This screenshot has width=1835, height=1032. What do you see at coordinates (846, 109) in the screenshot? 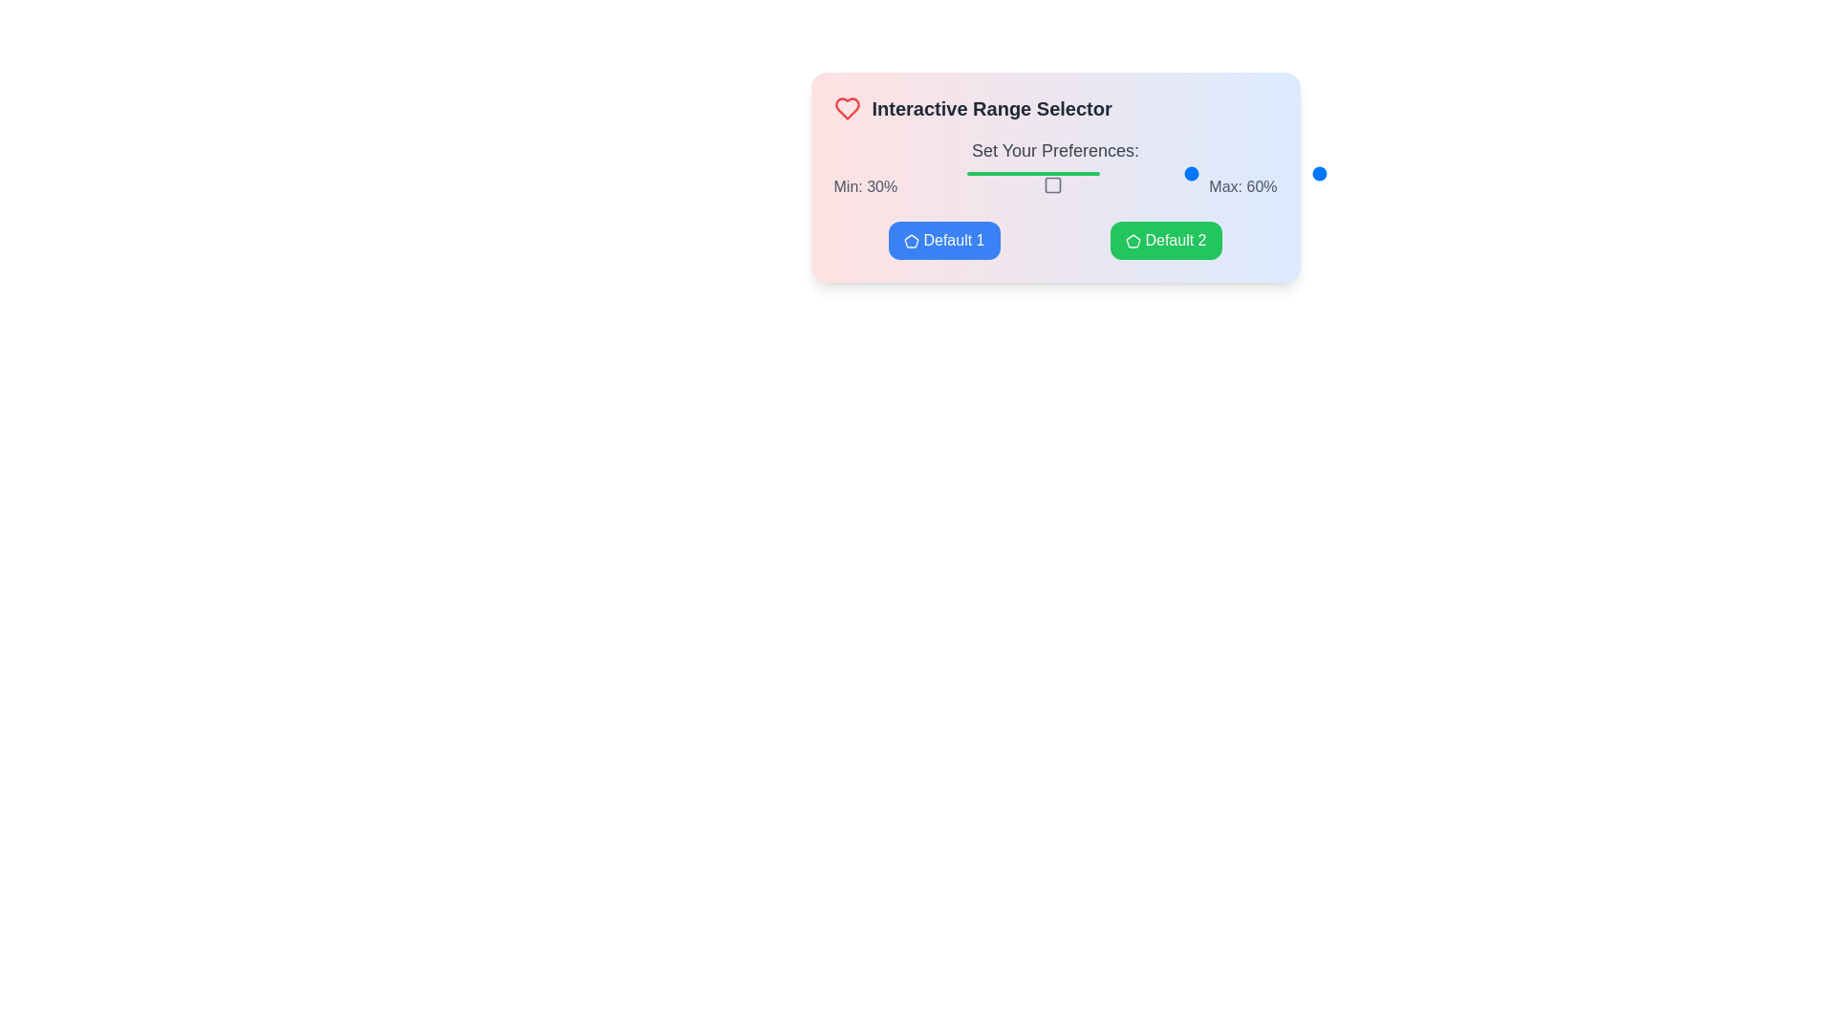
I see `the heart-shaped SVG icon located in the top-left corner of the card, which serves as a decorative indicator associated with the content of the card` at bounding box center [846, 109].